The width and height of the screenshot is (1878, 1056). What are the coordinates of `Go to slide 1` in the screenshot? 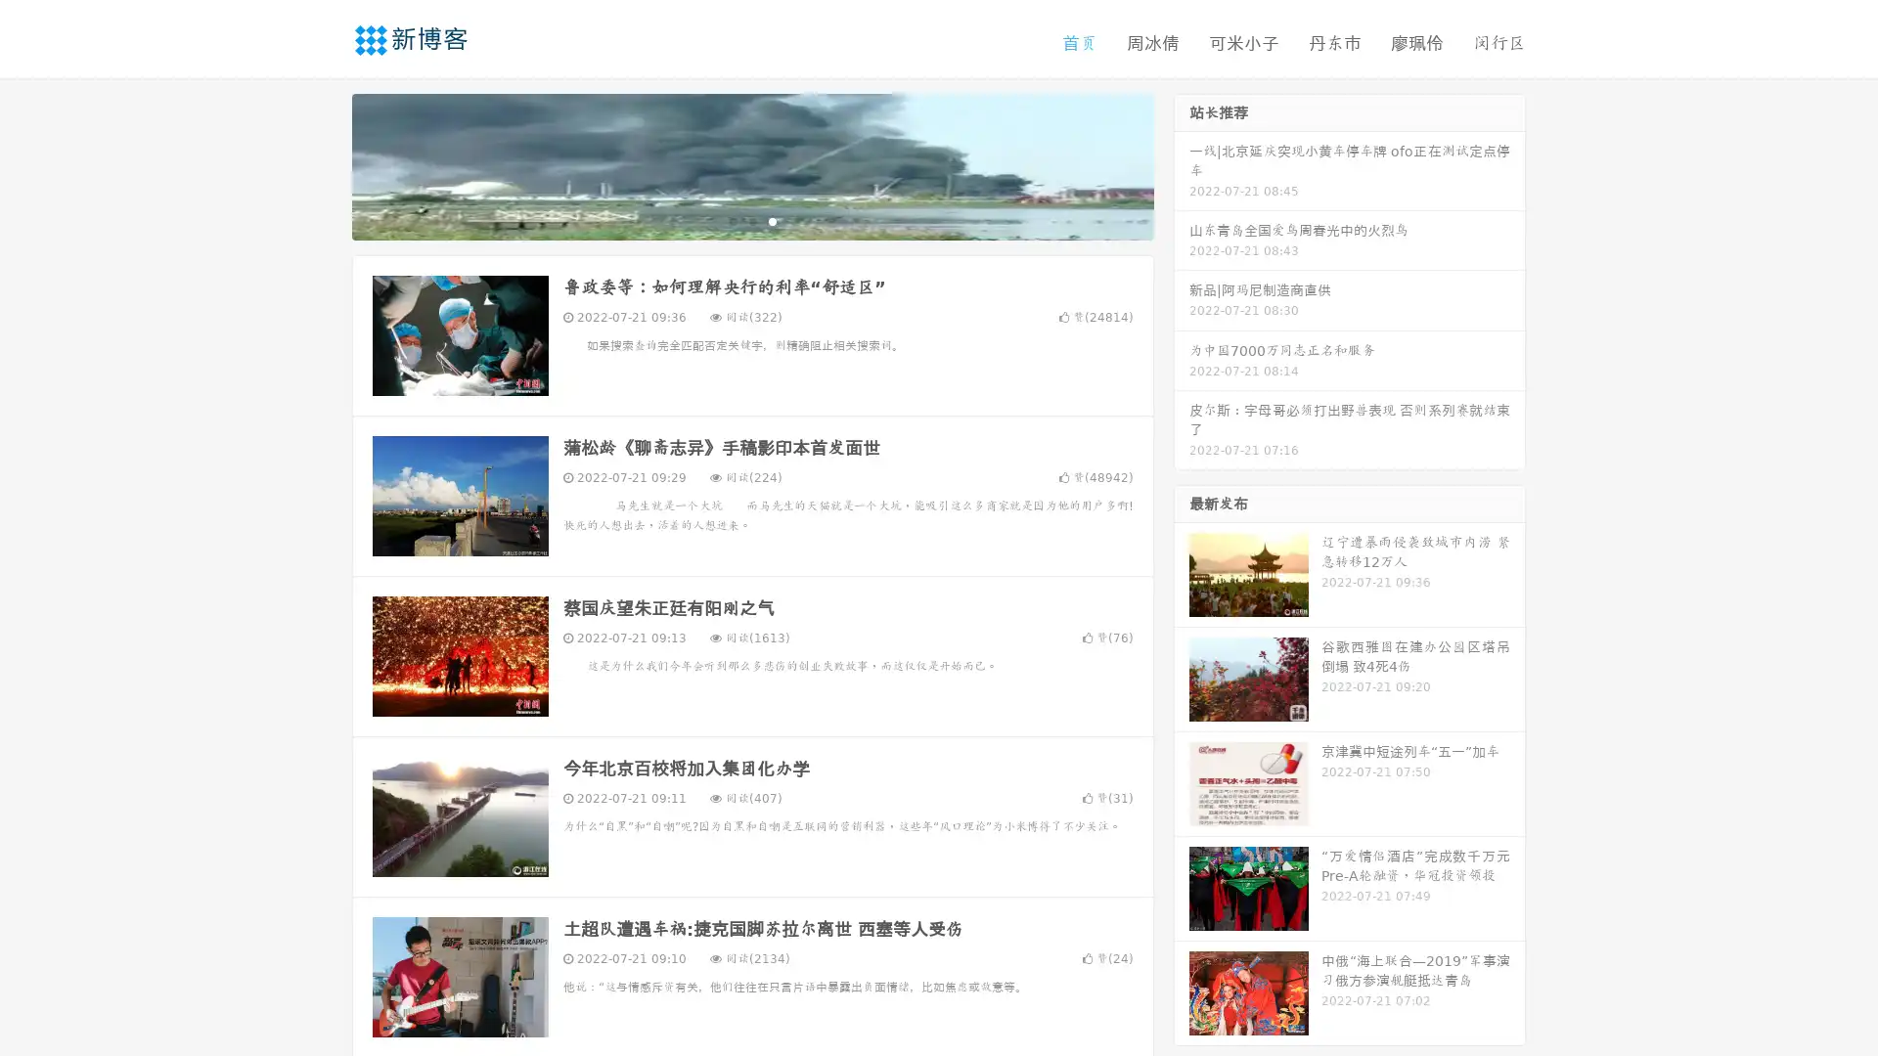 It's located at (732, 220).